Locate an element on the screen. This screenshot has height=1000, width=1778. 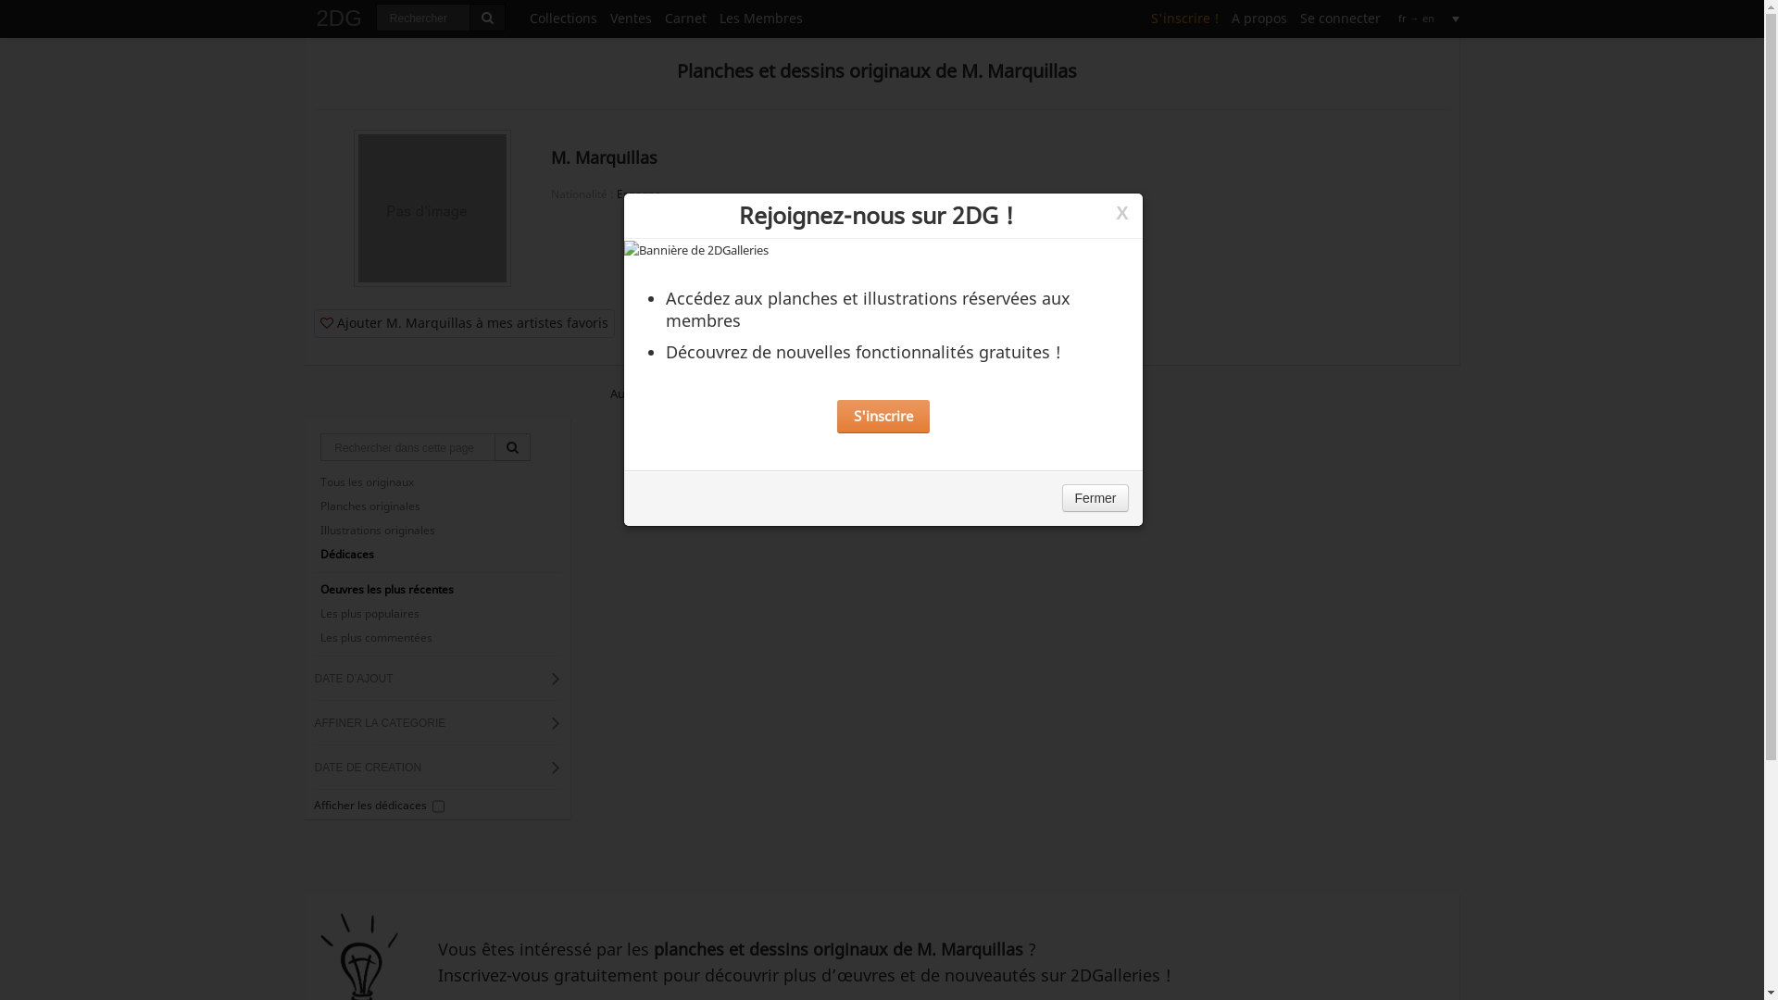
'Illustrations originales' is located at coordinates (315, 531).